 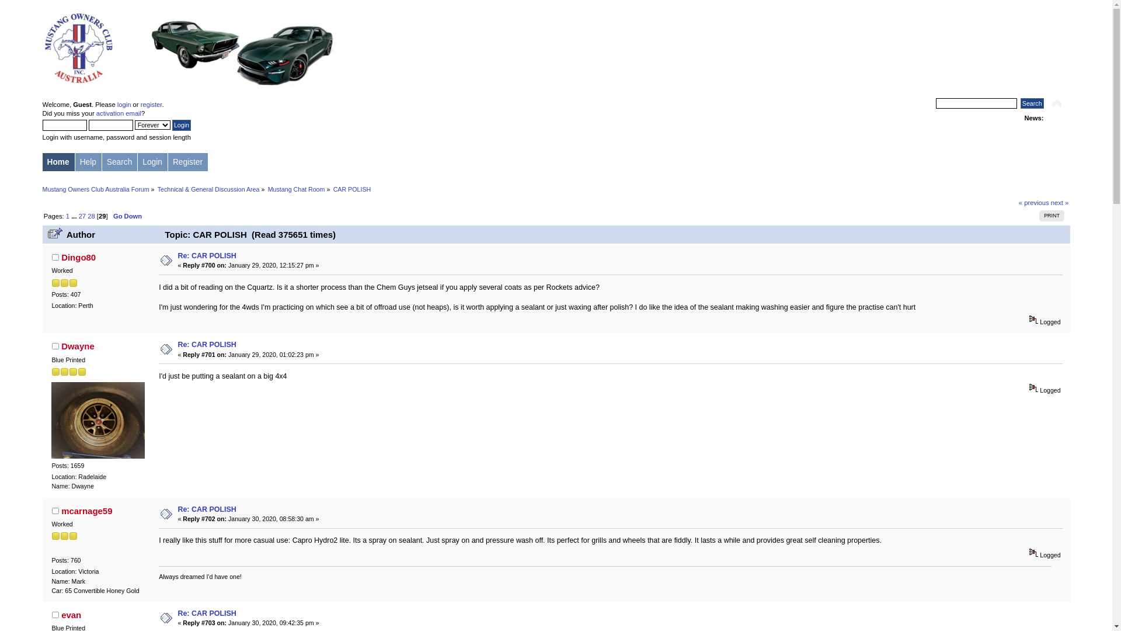 I want to click on 'Re: CAR POLISH', so click(x=207, y=344).